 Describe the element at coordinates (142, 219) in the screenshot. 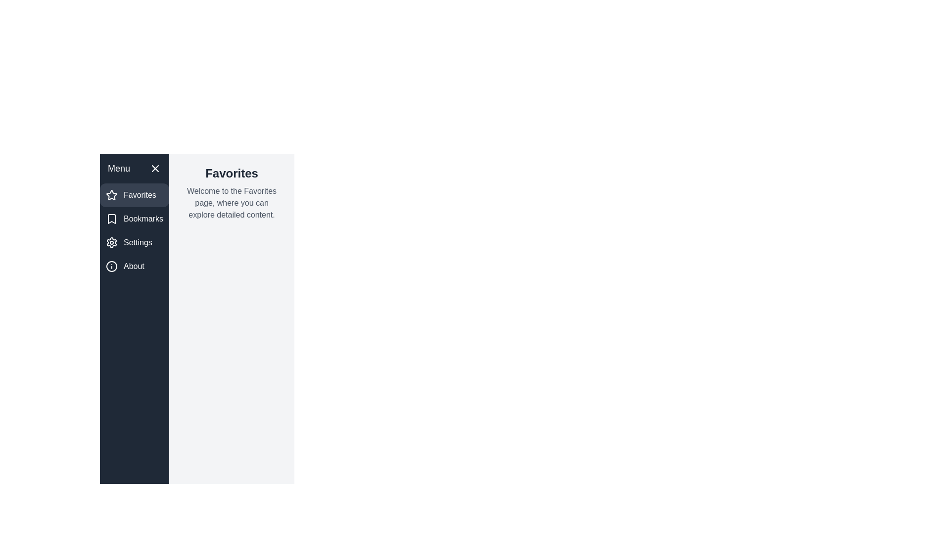

I see `the 'Bookmarks' navigational label located in the vertical menu on the left side, positioned below 'Favorites' and above 'Settings'` at that location.